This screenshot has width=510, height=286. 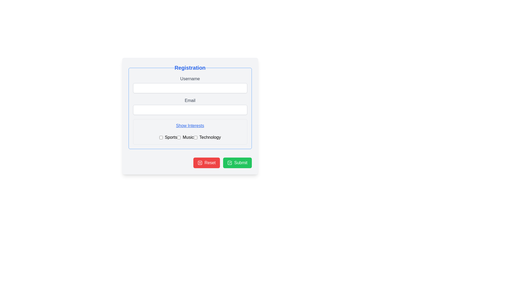 I want to click on the checkbox, so click(x=190, y=136).